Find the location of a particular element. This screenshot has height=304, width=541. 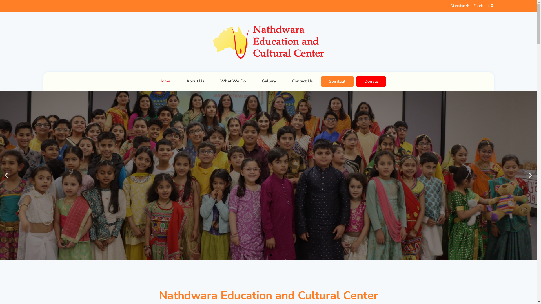

'Contact Us' is located at coordinates (302, 81).